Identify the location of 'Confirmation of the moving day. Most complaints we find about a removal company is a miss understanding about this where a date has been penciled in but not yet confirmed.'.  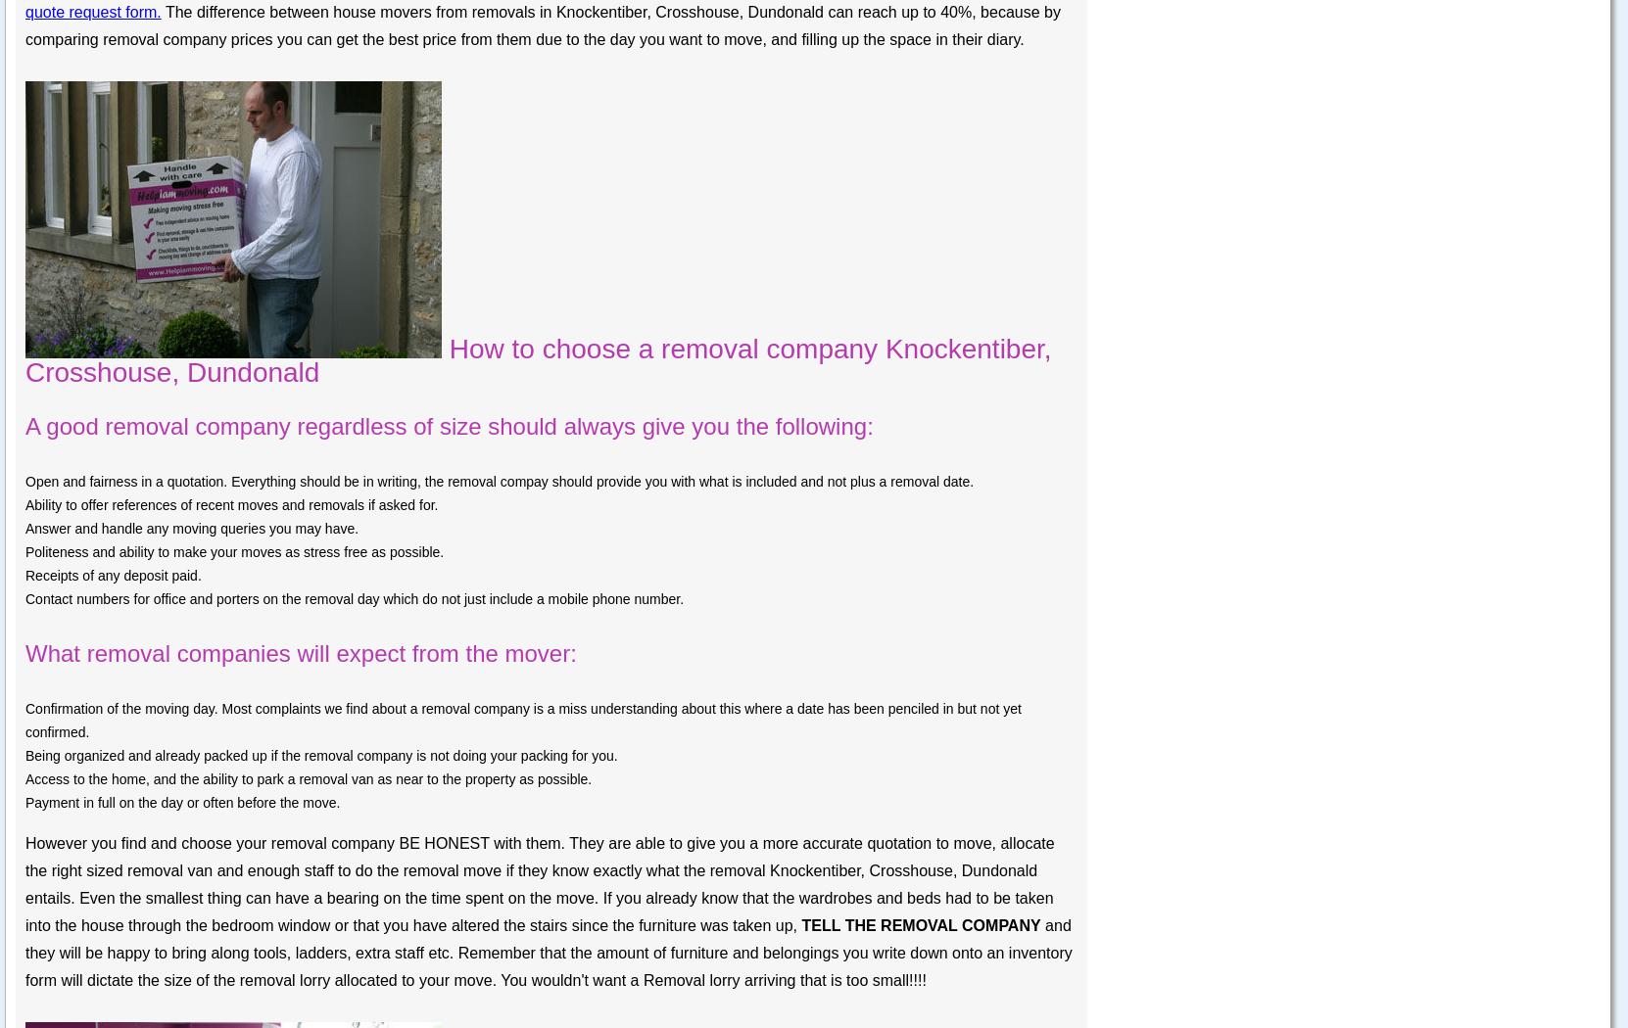
(522, 720).